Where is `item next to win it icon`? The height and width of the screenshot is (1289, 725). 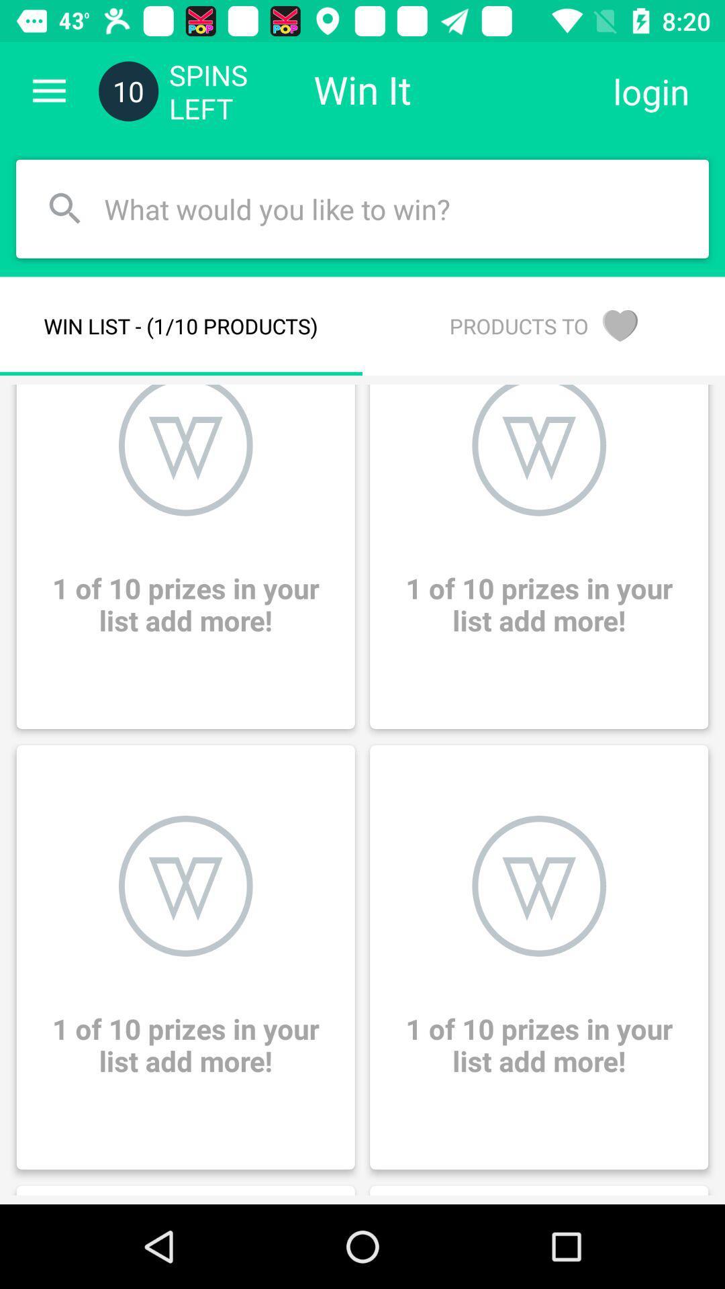
item next to win it icon is located at coordinates (650, 91).